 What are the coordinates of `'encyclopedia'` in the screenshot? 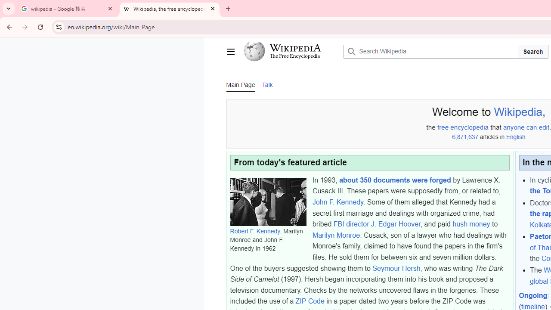 It's located at (469, 127).